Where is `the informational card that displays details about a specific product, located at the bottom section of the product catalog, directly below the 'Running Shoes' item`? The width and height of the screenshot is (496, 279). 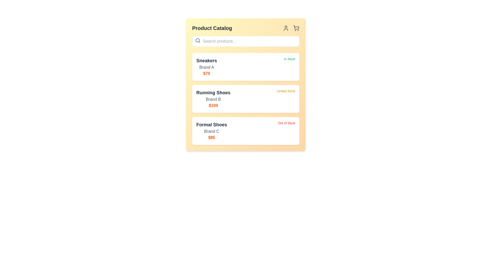 the informational card that displays details about a specific product, located at the bottom section of the product catalog, directly below the 'Running Shoes' item is located at coordinates (212, 130).